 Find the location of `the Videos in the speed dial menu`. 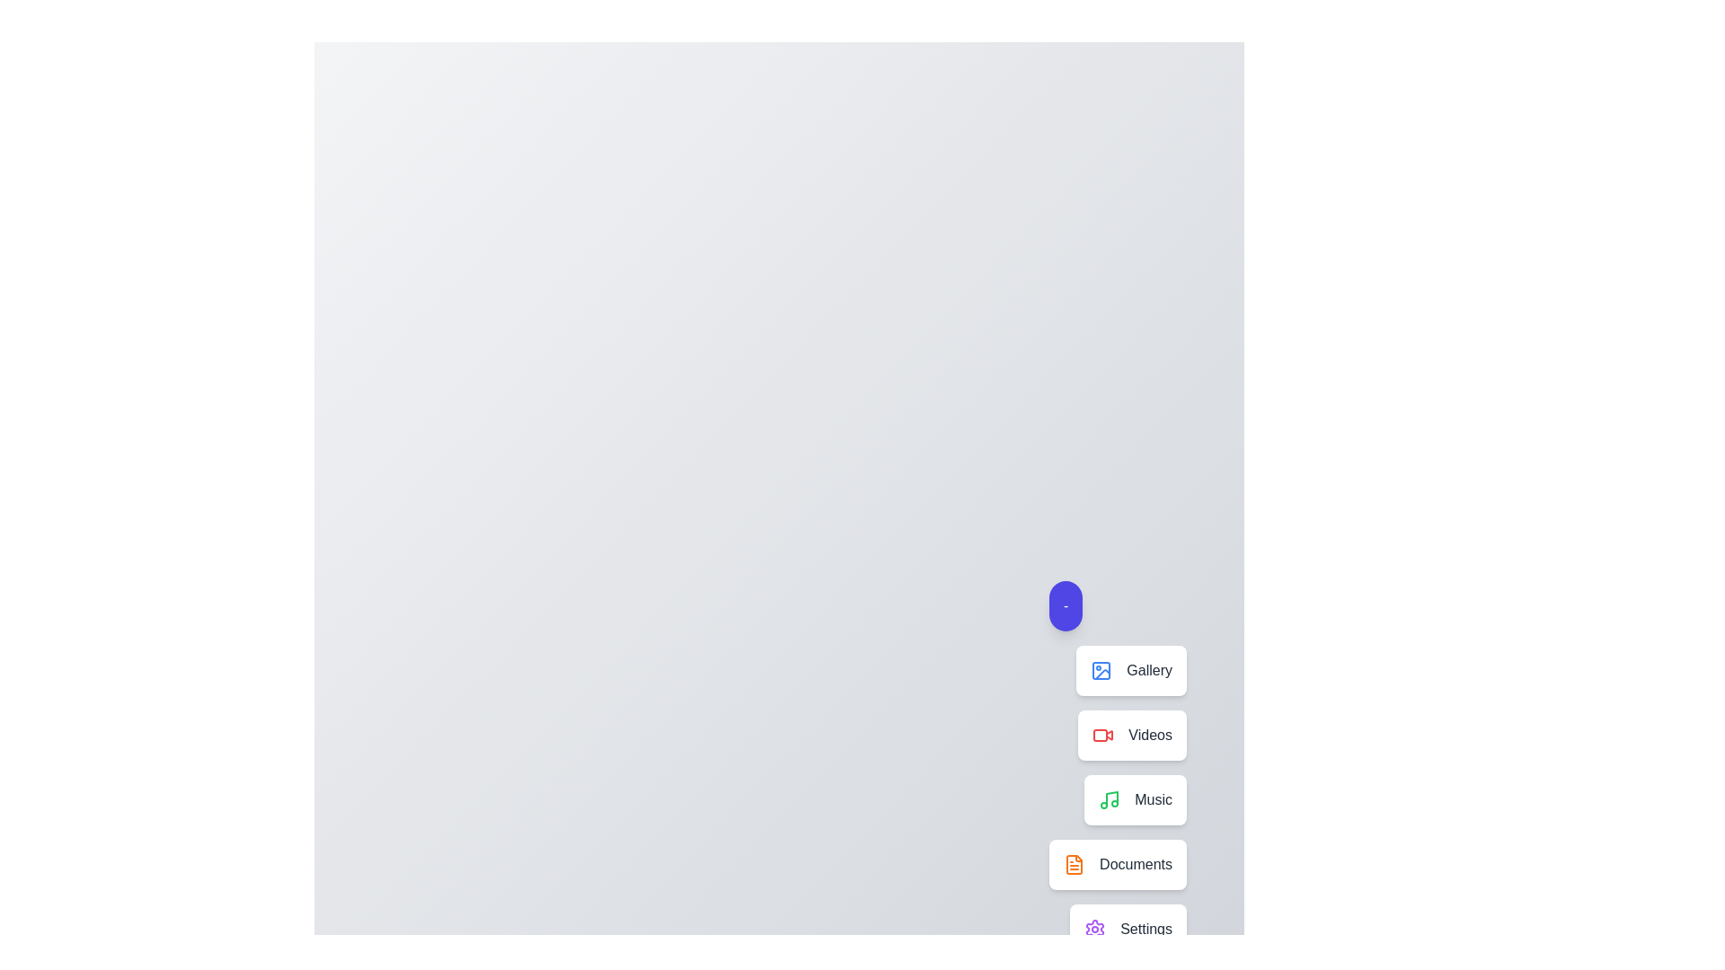

the Videos in the speed dial menu is located at coordinates (1131, 735).